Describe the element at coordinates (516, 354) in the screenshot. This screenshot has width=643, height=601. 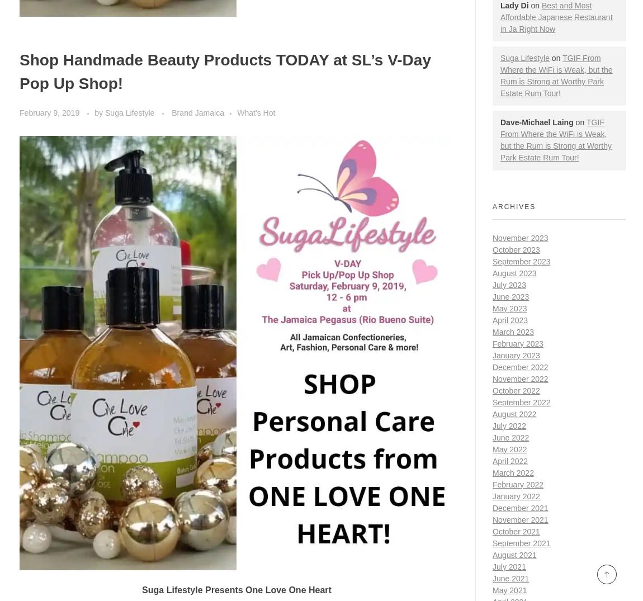
I see `'January 2023'` at that location.